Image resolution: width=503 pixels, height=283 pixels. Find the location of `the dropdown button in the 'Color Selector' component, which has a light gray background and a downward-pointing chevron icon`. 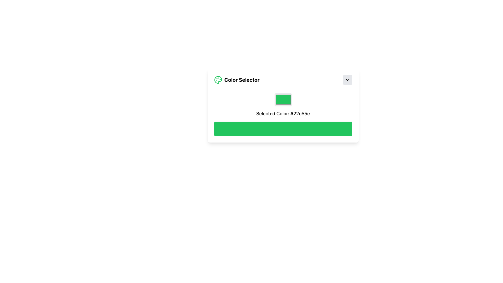

the dropdown button in the 'Color Selector' component, which has a light gray background and a downward-pointing chevron icon is located at coordinates (347, 80).